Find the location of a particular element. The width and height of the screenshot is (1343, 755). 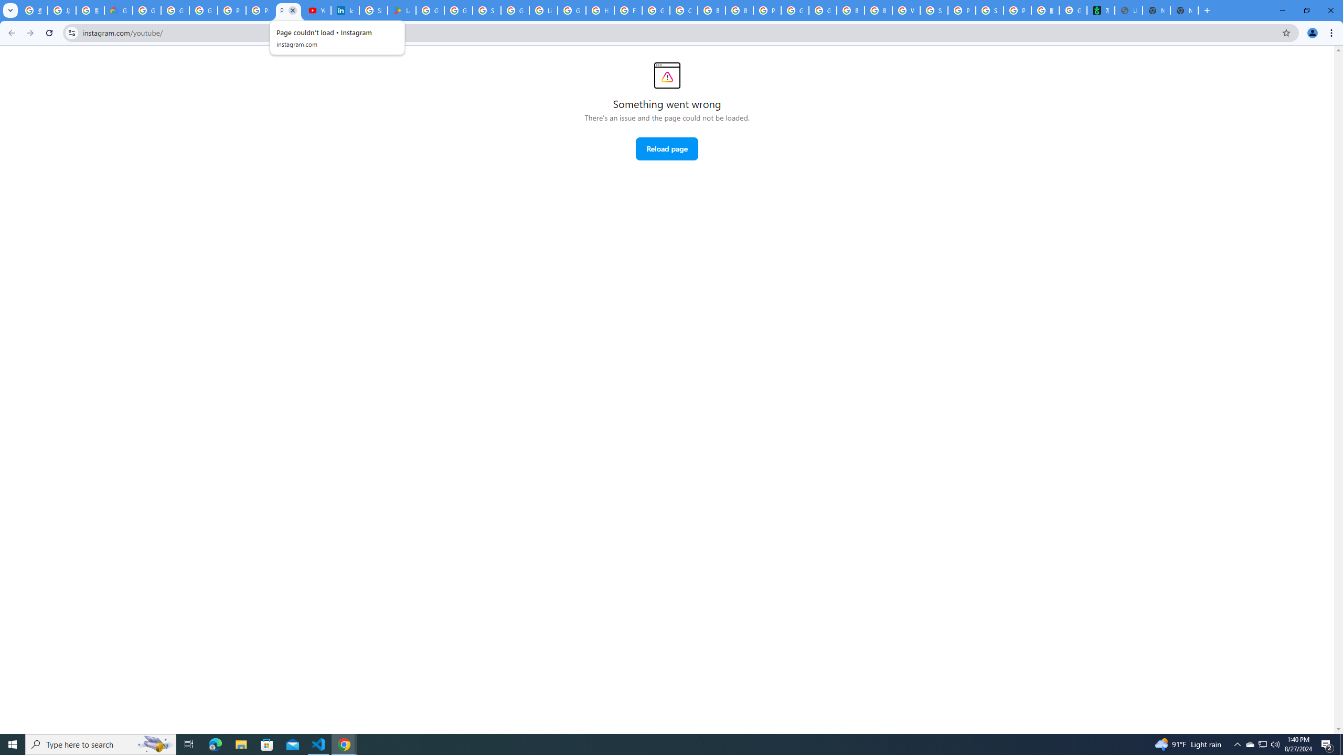

'Error' is located at coordinates (667, 75).